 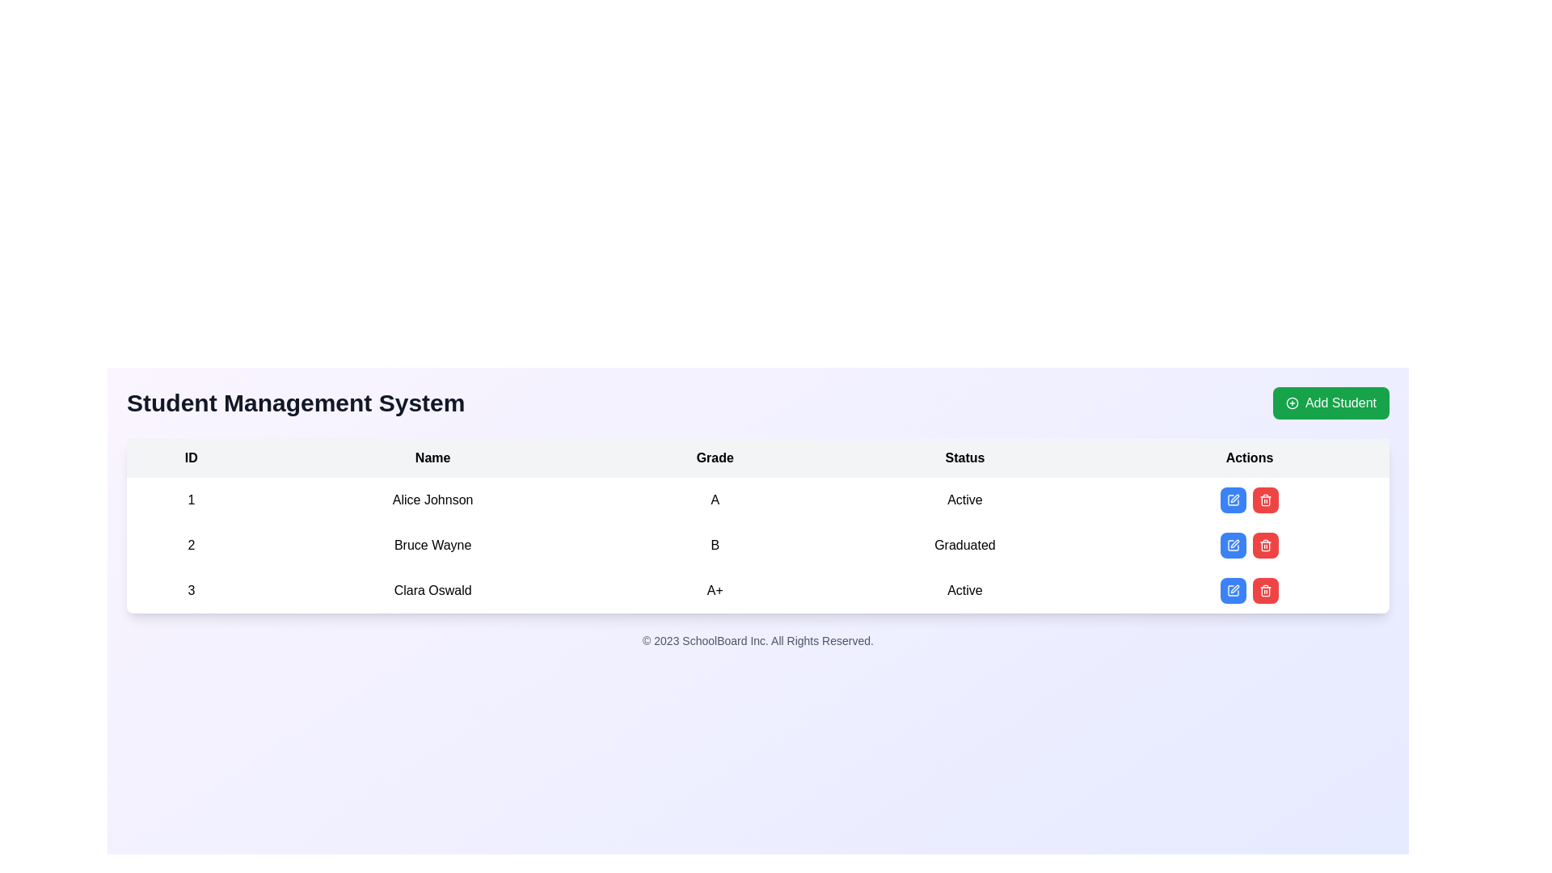 I want to click on the red trash bin icon, which is the second item, so click(x=1264, y=499).